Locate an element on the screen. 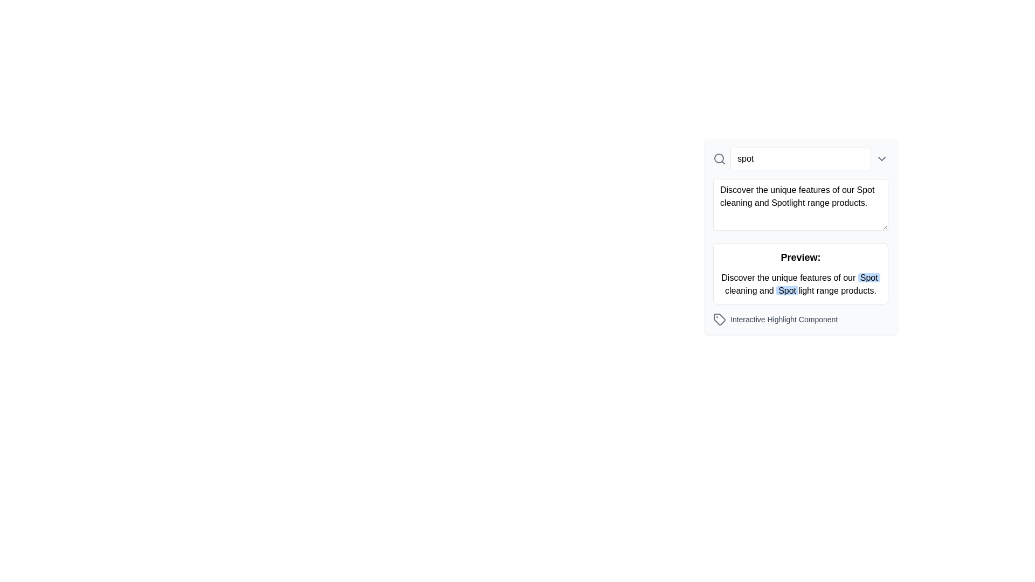 This screenshot has width=1035, height=582. the Informational display box with a light gray background and rounded corners is located at coordinates (801, 236).